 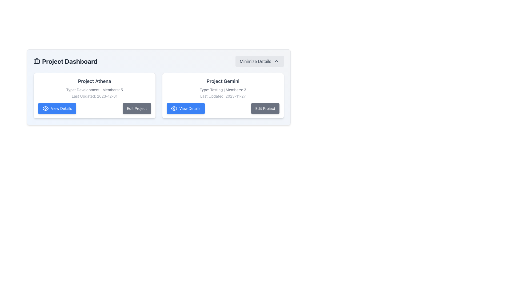 I want to click on the 'Last Updated: 2023-11-27' text element, which is the third line in the 'Project Gemini' card, positioned below the 'Type: Testing | Members: 3' line and above the 'View Details' and 'Edit Project' buttons, so click(x=223, y=96).